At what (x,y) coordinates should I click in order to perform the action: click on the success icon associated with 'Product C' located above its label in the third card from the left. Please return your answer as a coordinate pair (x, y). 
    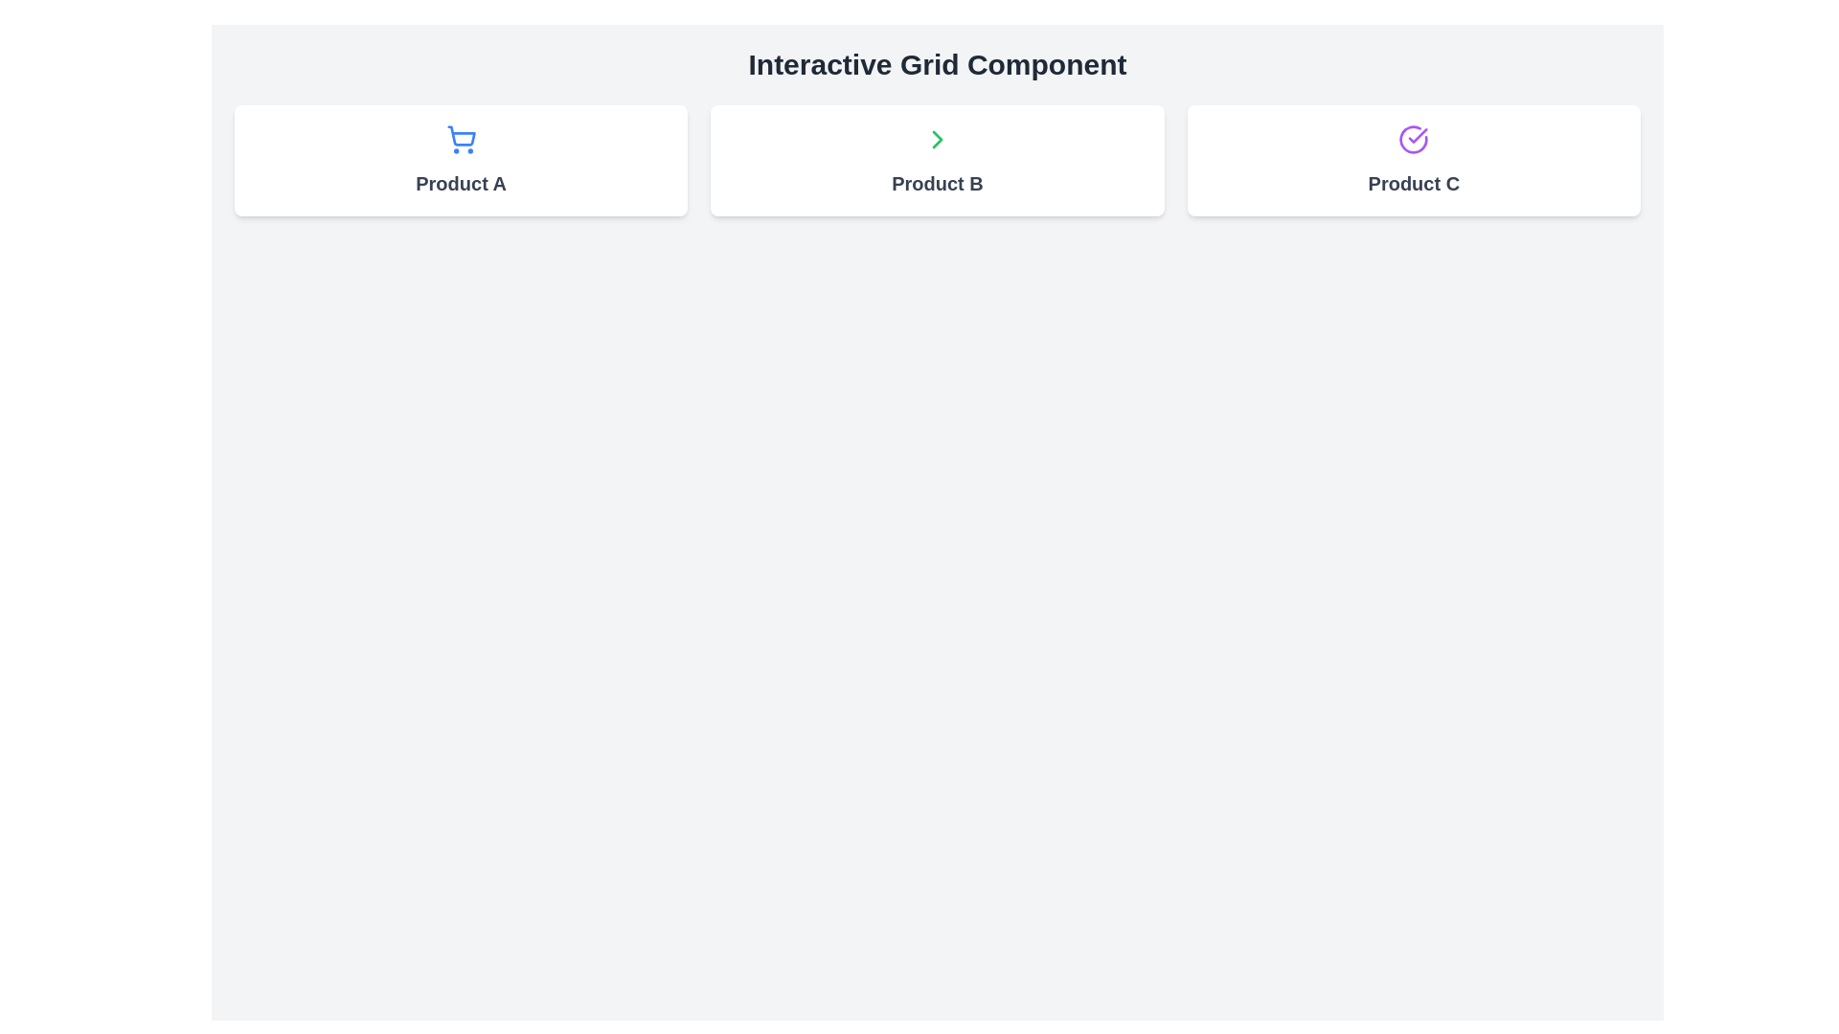
    Looking at the image, I should click on (1414, 139).